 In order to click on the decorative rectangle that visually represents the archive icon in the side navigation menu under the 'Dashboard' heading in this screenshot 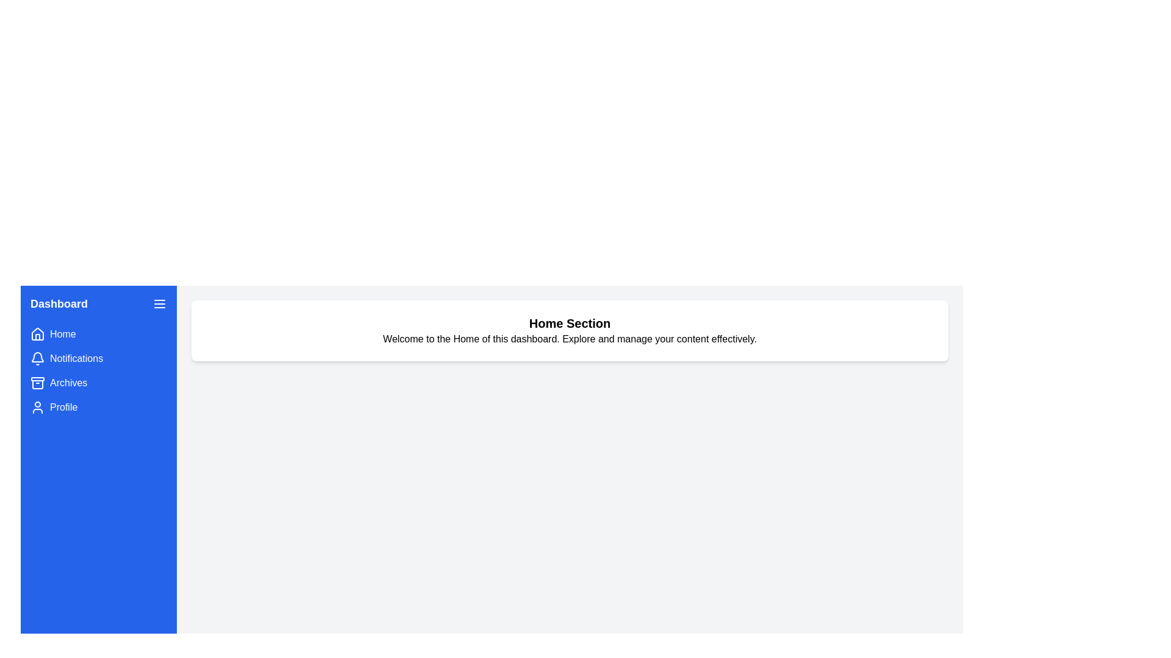, I will do `click(38, 378)`.